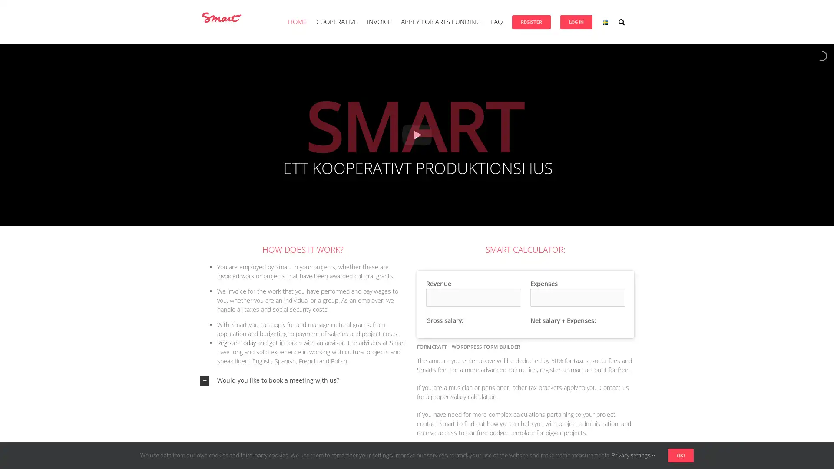 The height and width of the screenshot is (469, 834). I want to click on Would you like to book a meeting with us?, so click(302, 380).